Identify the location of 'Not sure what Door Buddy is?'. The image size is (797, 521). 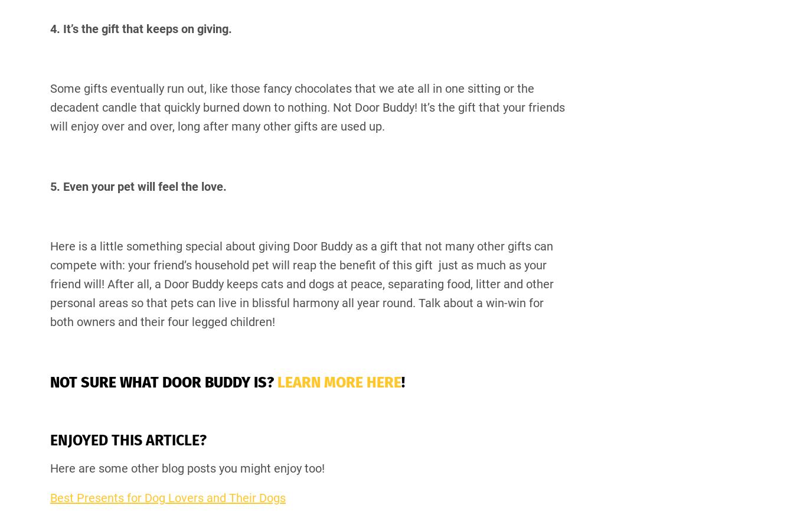
(163, 382).